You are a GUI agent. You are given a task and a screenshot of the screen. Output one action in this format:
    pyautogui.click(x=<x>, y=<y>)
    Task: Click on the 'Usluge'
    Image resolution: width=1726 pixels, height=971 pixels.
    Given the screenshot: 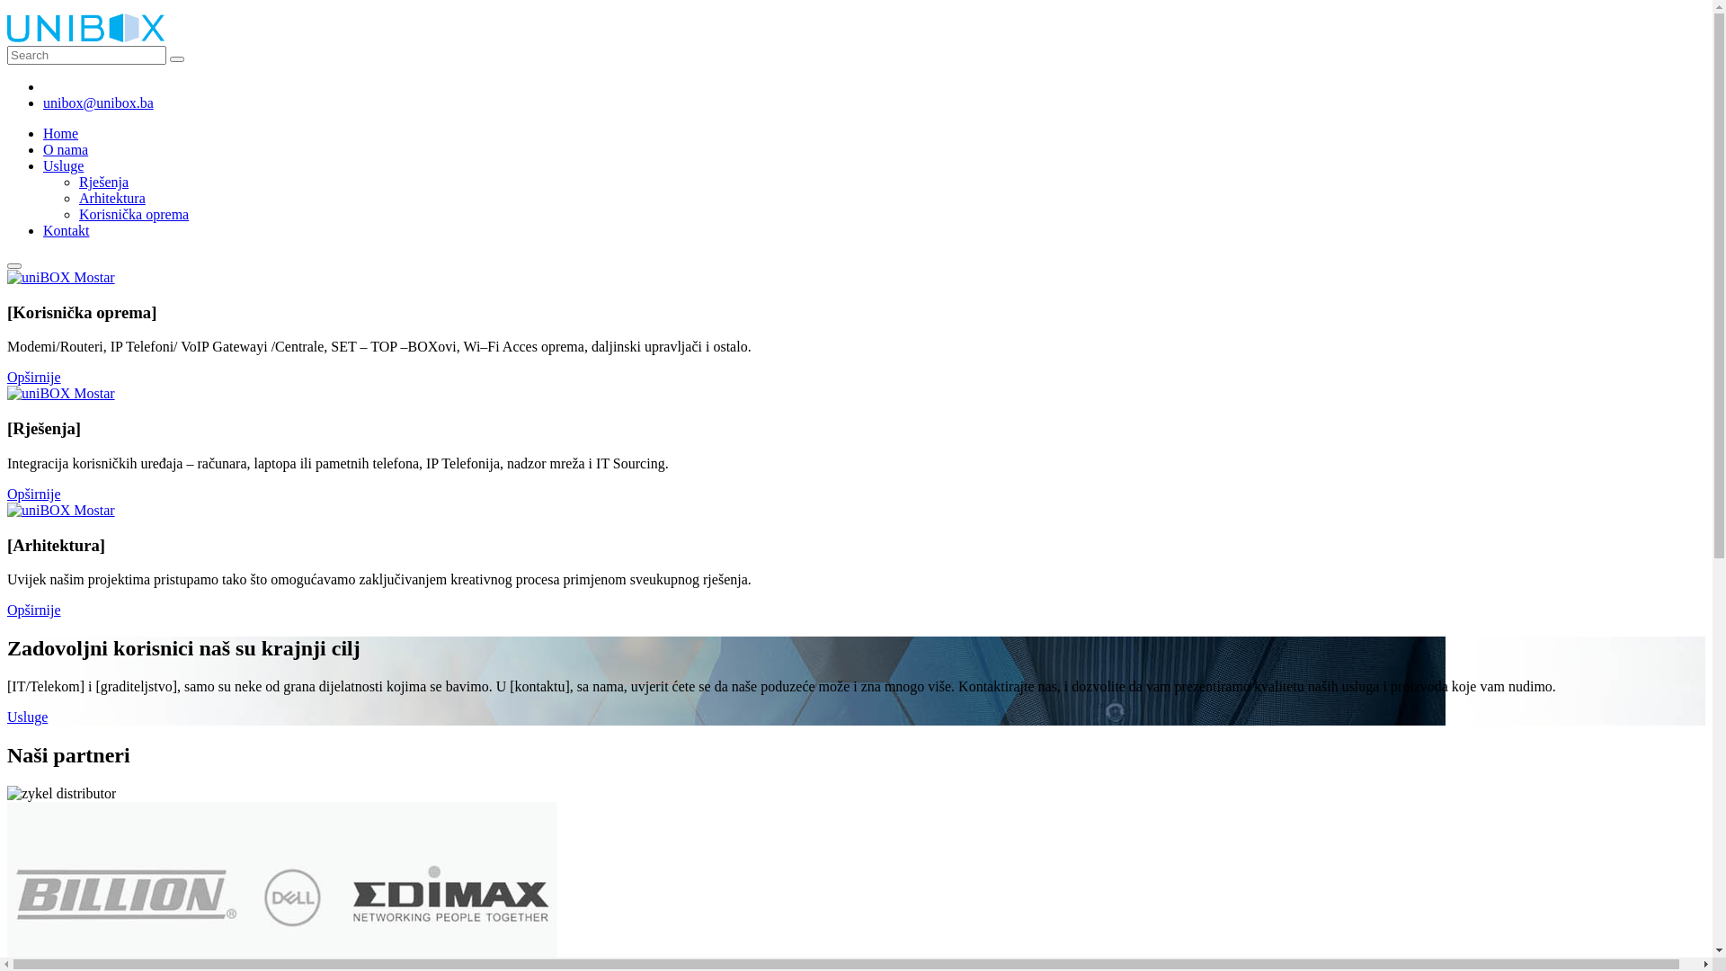 What is the action you would take?
    pyautogui.click(x=63, y=165)
    